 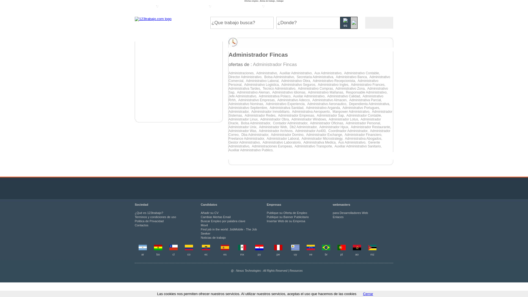 I want to click on 'Dba Administrador, ', so click(x=241, y=134).